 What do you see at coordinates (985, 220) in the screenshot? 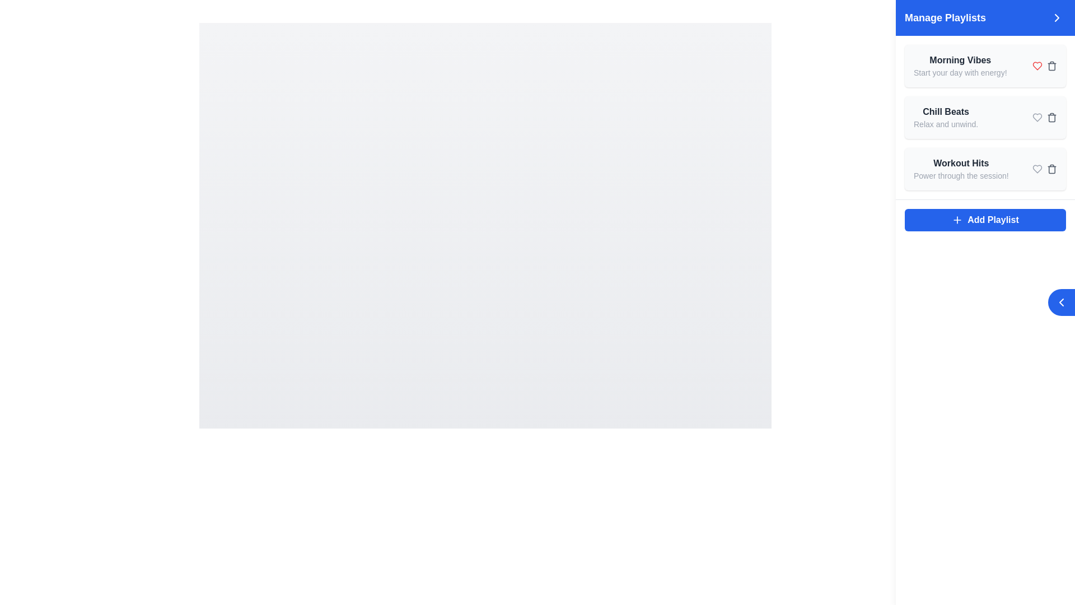
I see `keyboard navigation` at bounding box center [985, 220].